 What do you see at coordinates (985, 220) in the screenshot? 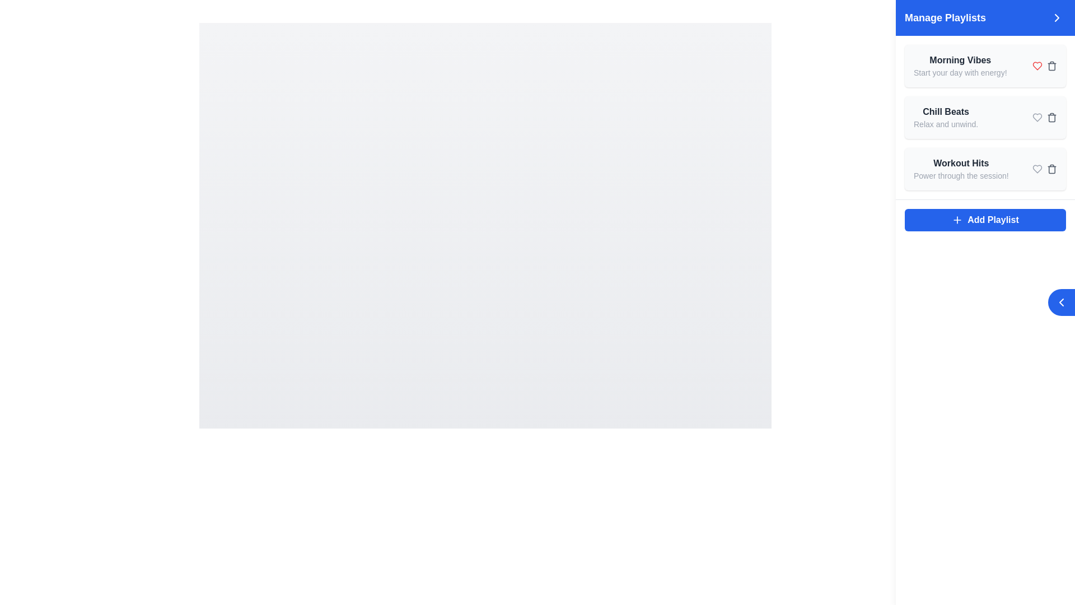
I see `keyboard navigation` at bounding box center [985, 220].